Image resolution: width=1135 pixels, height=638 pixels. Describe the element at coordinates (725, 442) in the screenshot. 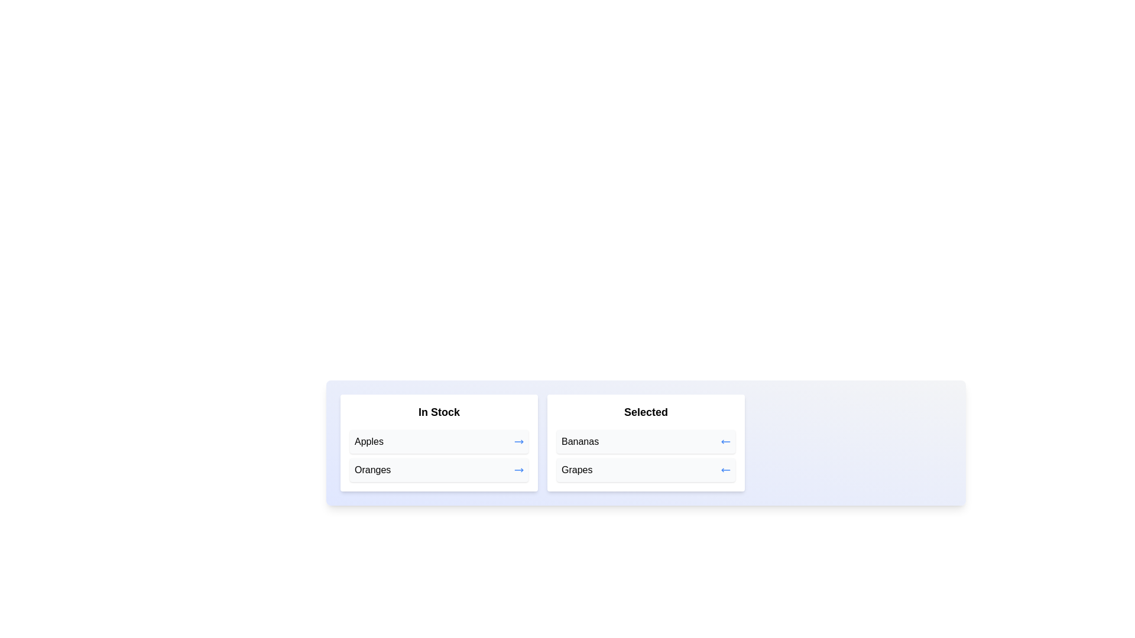

I see `arrow button next to the item Bananas in the 'Selected' list to move it to the 'In Stock' list` at that location.